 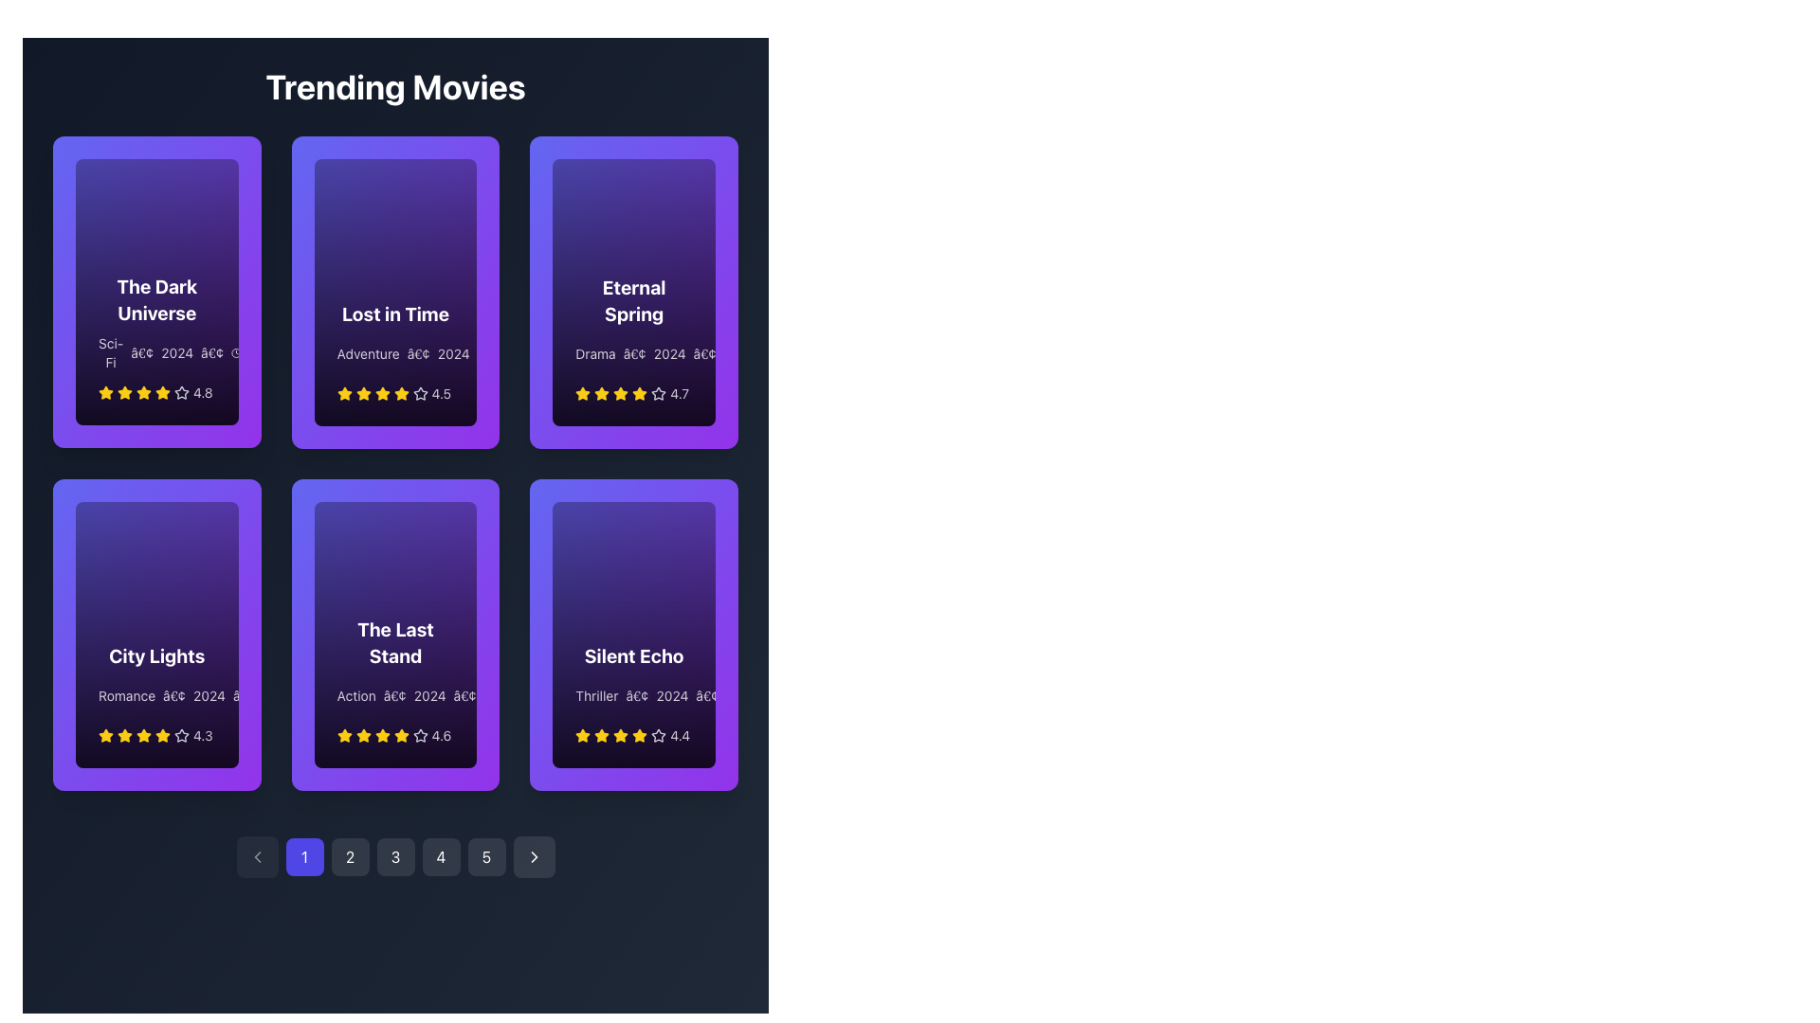 I want to click on the play icon located in the circular button on the movie card for 'City Lights', which is a triangular white icon against a purple background, so click(x=227, y=518).